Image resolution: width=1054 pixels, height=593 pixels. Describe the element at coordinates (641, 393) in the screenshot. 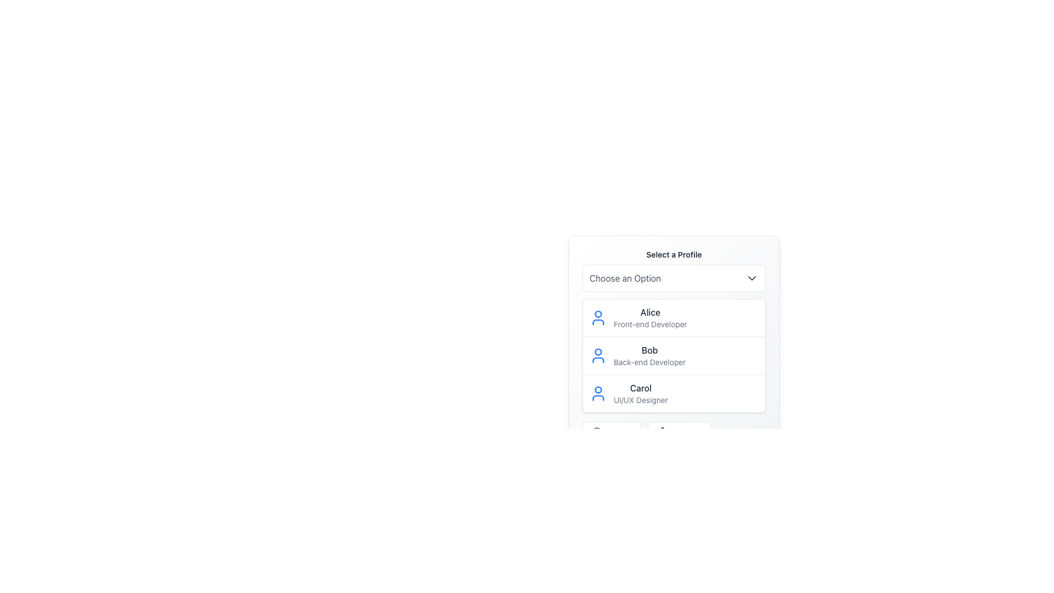

I see `the text element displaying the name and role of a user ('Carol UI/UX Designer') located in the third user profile card` at that location.